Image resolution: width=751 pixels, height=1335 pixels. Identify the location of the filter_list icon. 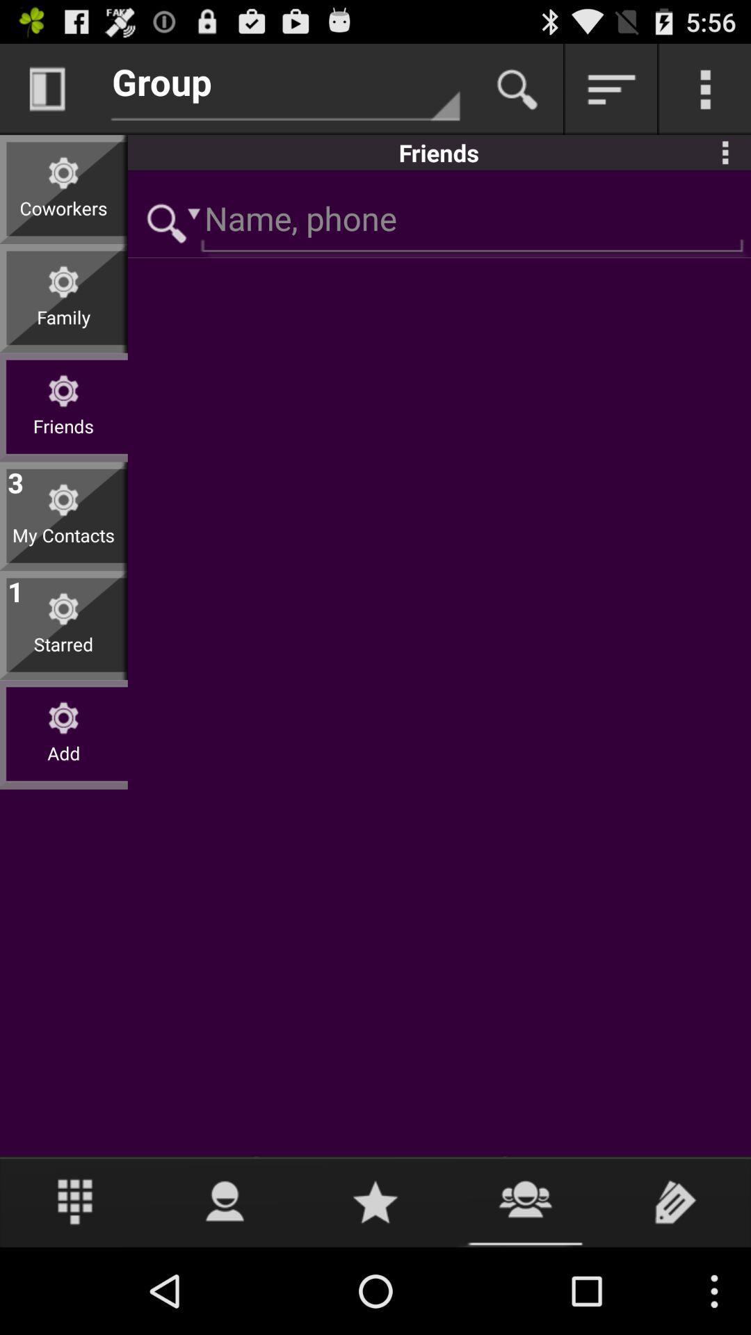
(611, 95).